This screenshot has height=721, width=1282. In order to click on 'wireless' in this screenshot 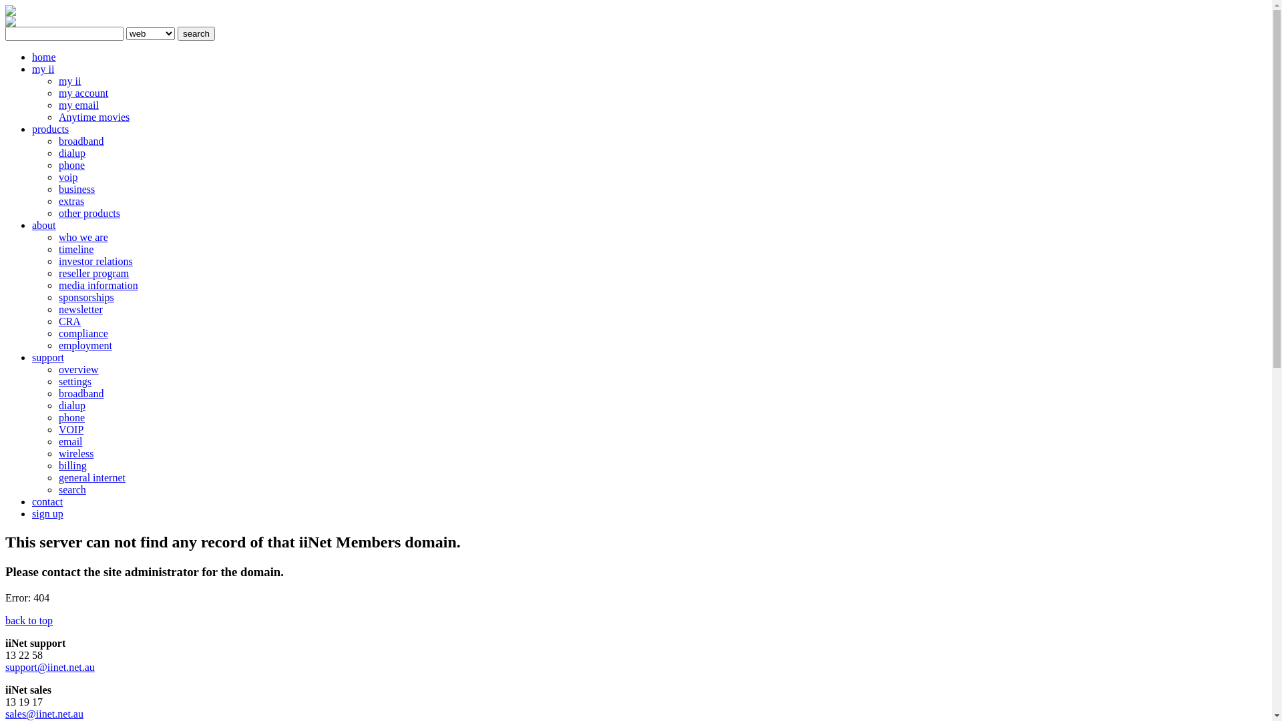, I will do `click(57, 453)`.